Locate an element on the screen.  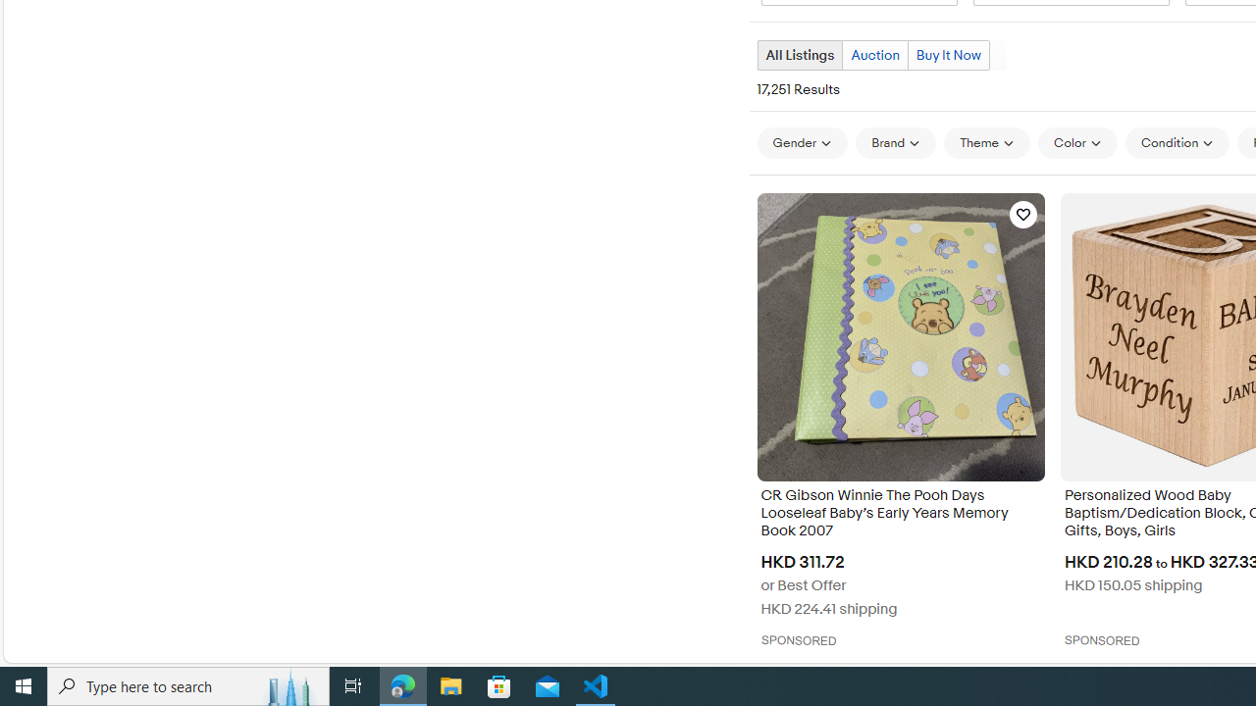
'Theme' is located at coordinates (987, 141).